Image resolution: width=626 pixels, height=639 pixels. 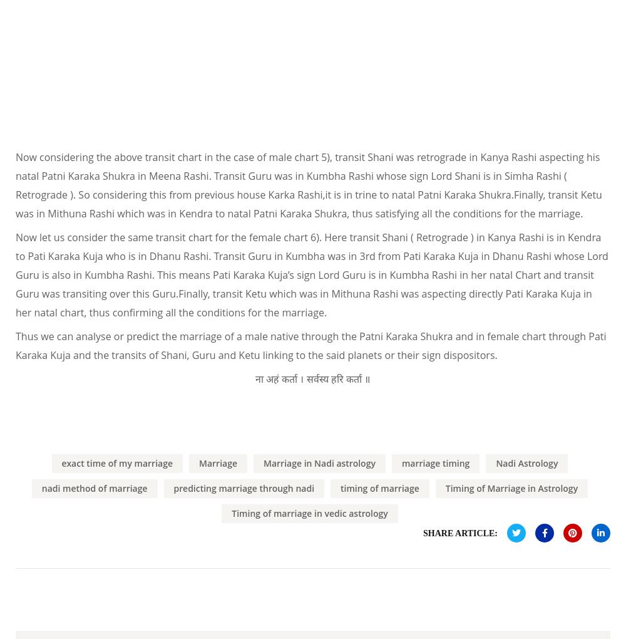 What do you see at coordinates (41, 487) in the screenshot?
I see `'nadi method of marriage'` at bounding box center [41, 487].